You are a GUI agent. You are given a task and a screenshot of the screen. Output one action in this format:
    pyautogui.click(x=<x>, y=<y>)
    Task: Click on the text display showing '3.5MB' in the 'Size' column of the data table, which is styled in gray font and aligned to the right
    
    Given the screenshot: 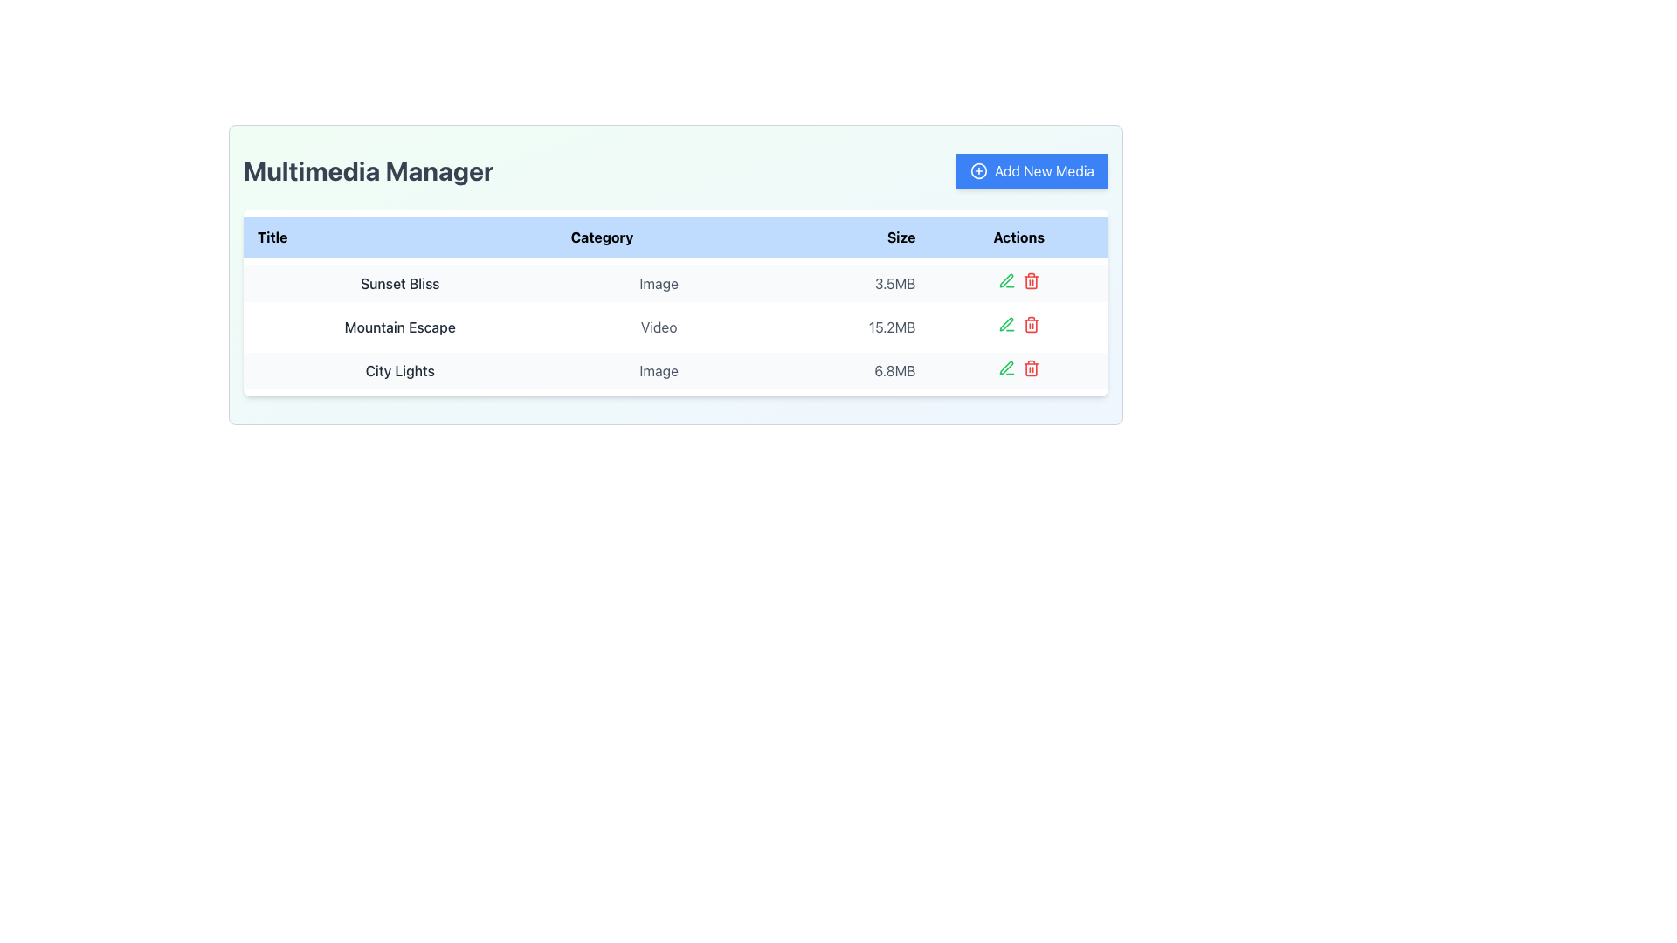 What is the action you would take?
    pyautogui.click(x=845, y=282)
    